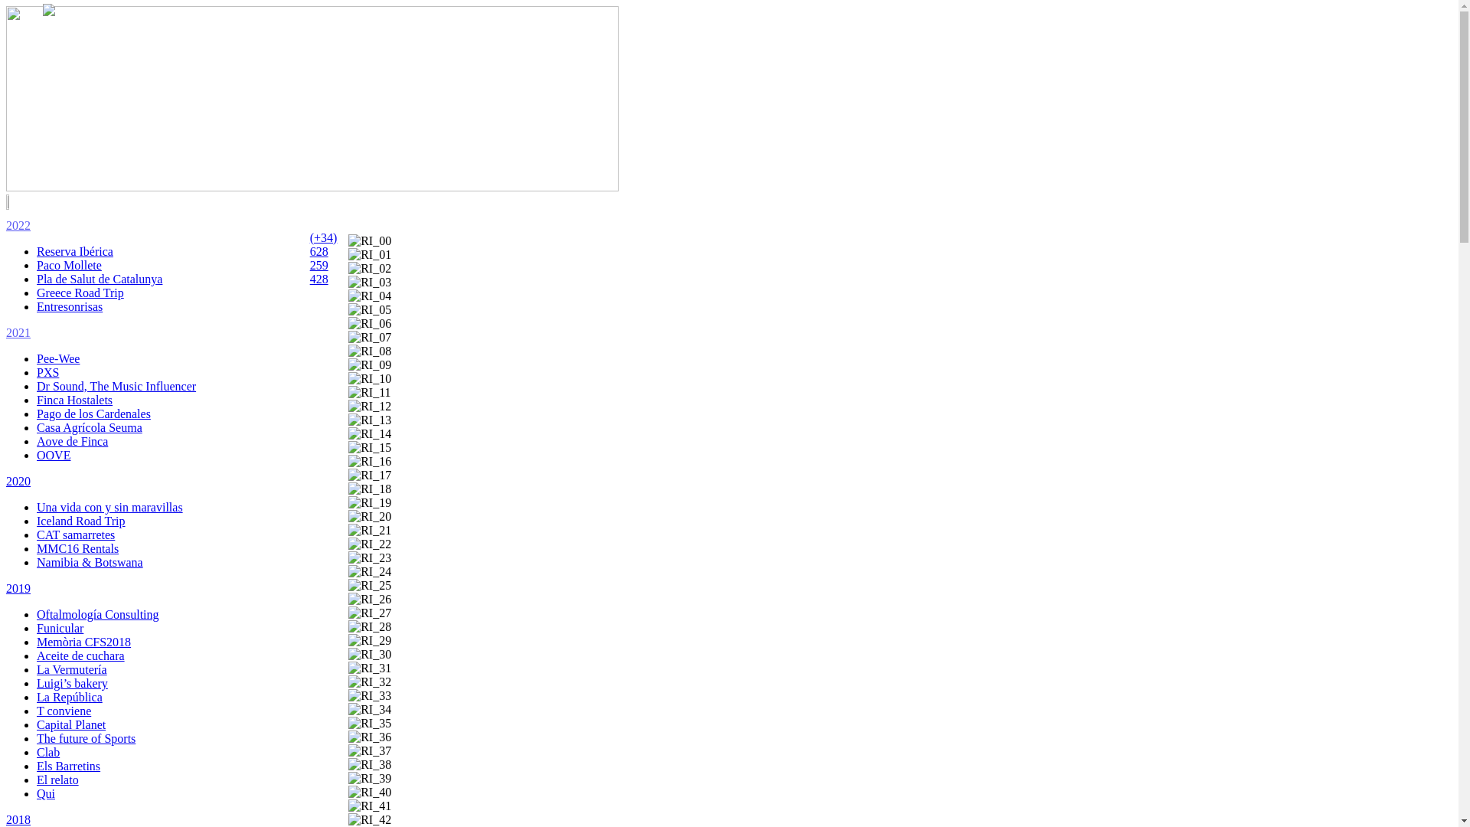  I want to click on 'Namibia & Botswana', so click(37, 562).